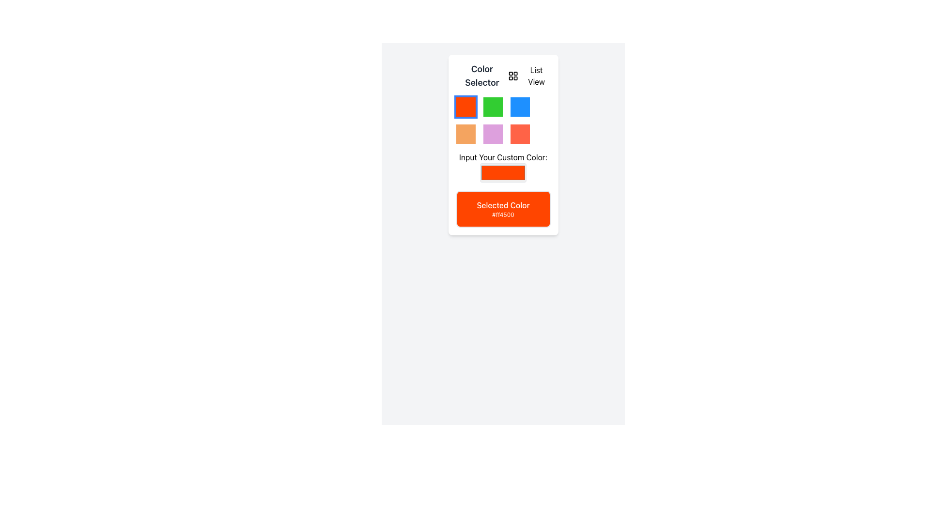 The height and width of the screenshot is (523, 930). What do you see at coordinates (465, 107) in the screenshot?
I see `the orange square button with a blue border located in the top-left corner of the 3x2 grid` at bounding box center [465, 107].